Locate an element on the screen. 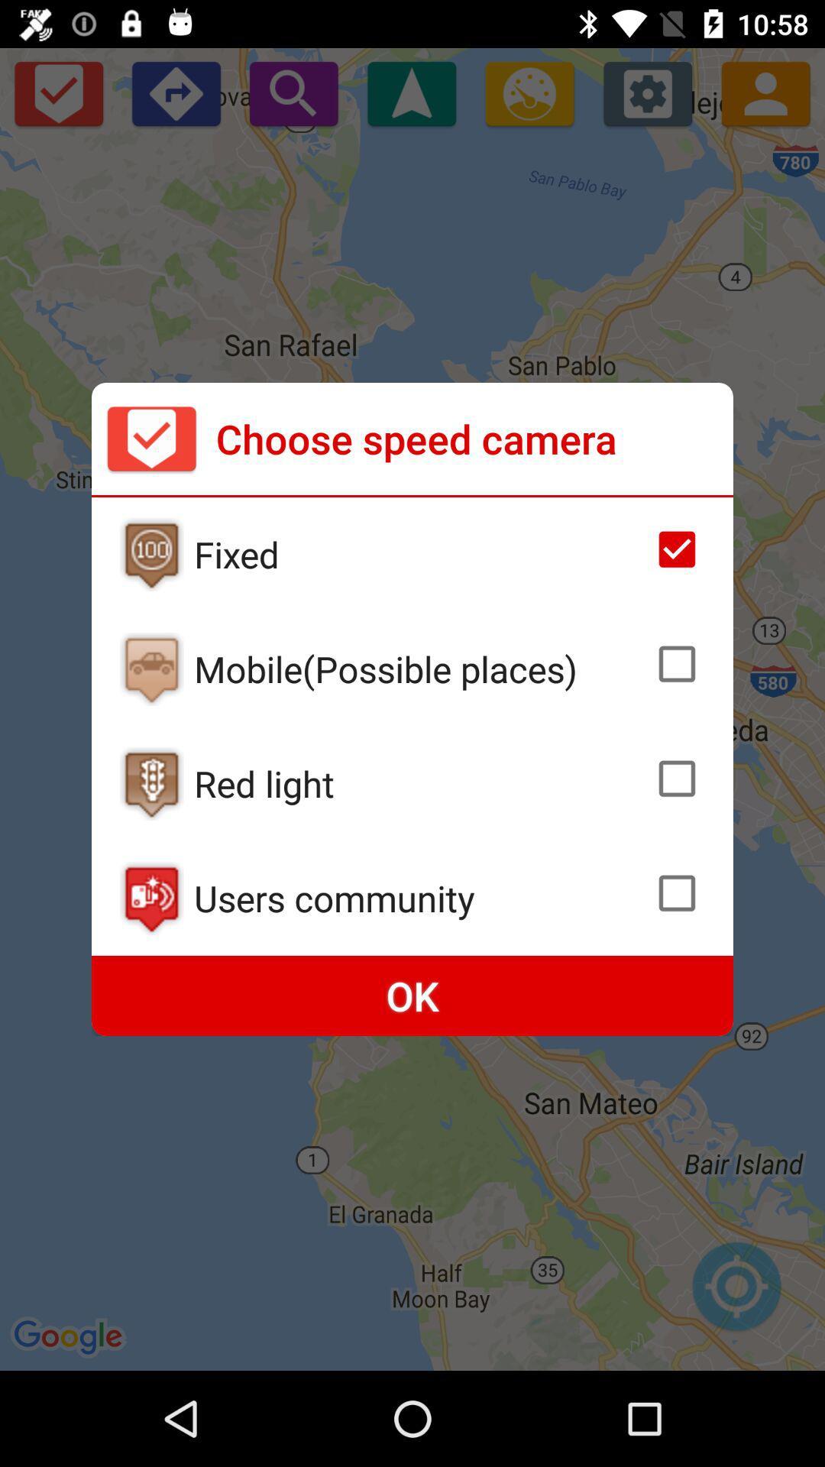 The height and width of the screenshot is (1467, 825). the red light icon is located at coordinates (419, 783).